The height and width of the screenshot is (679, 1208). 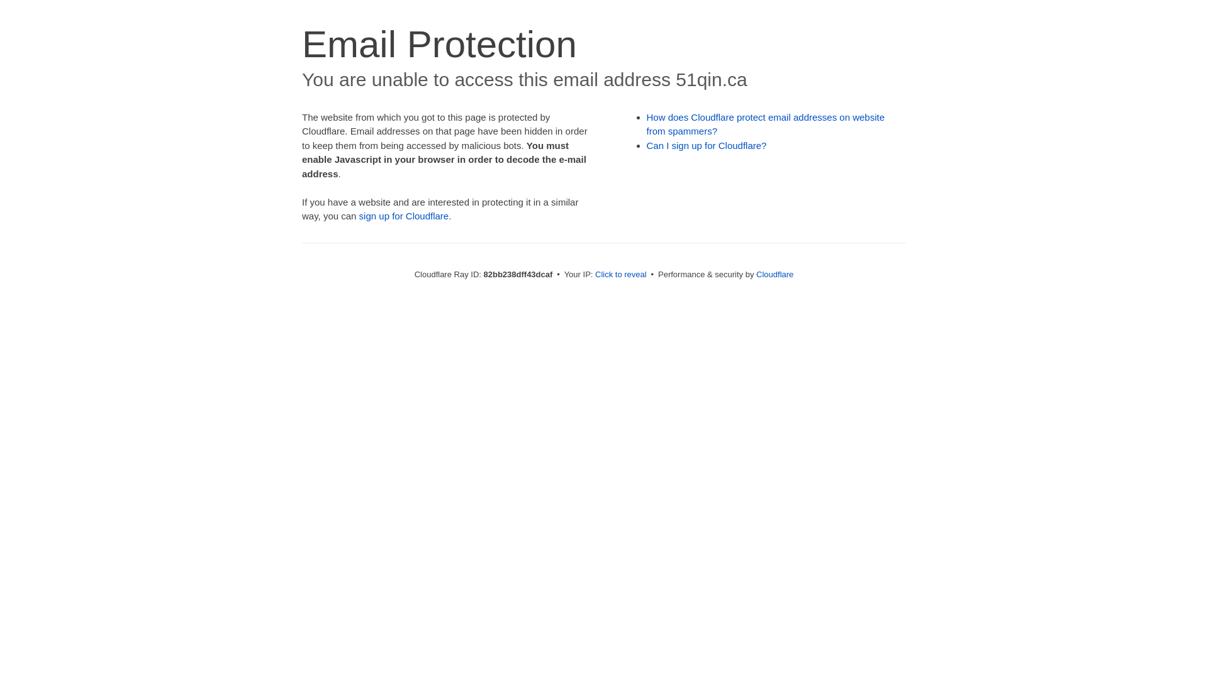 What do you see at coordinates (359, 215) in the screenshot?
I see `'sign up for Cloudflare'` at bounding box center [359, 215].